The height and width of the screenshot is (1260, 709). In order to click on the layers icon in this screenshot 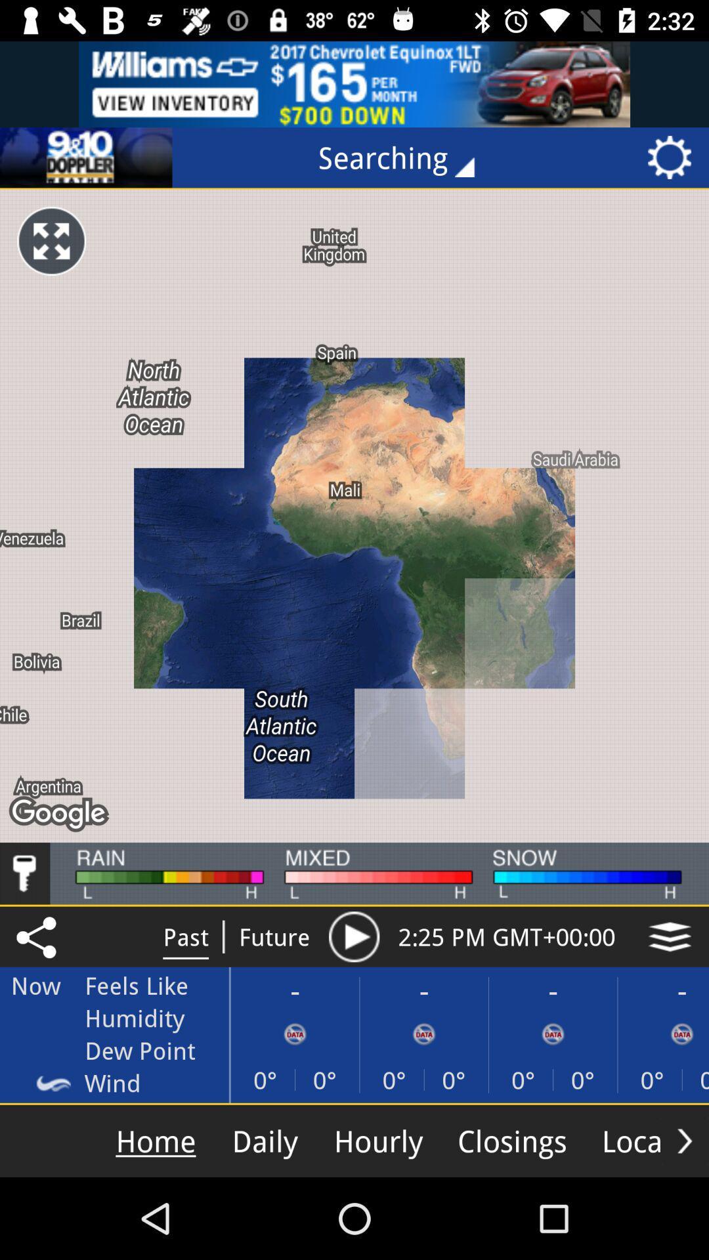, I will do `click(670, 936)`.